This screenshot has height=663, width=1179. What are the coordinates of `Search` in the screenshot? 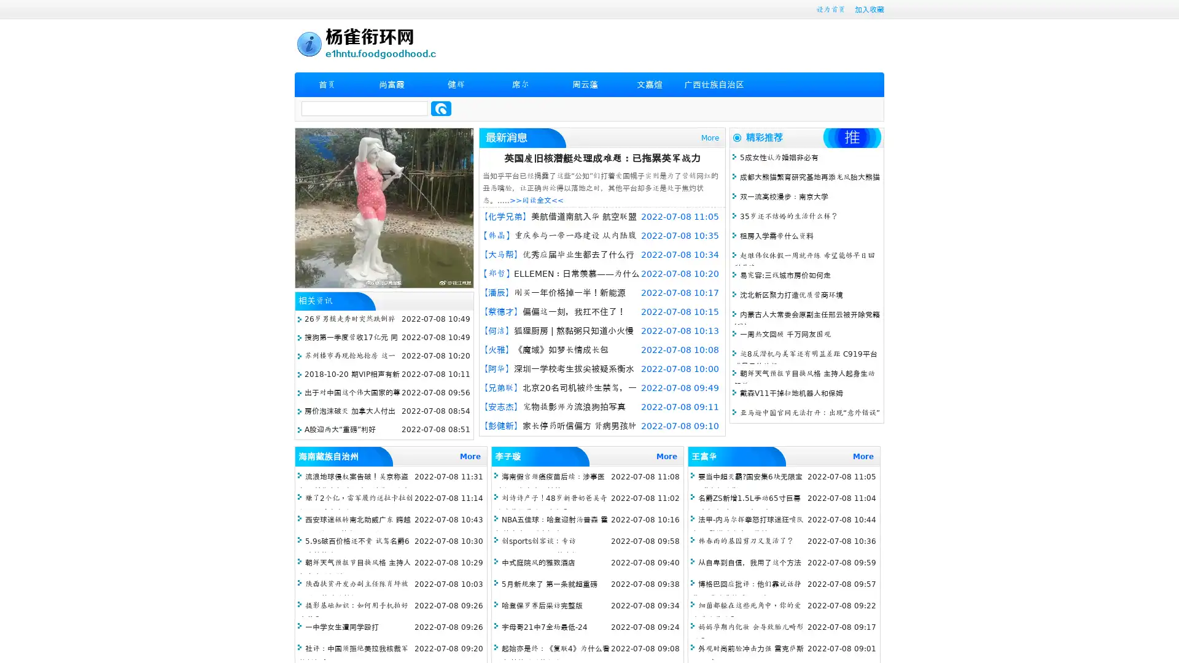 It's located at (441, 108).